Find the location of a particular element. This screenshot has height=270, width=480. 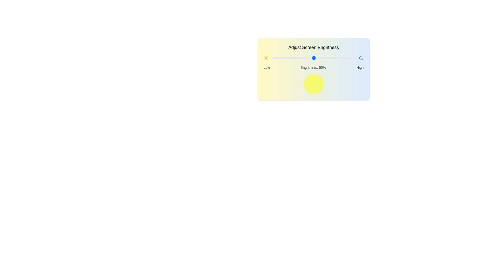

the brightness slider to 83% is located at coordinates (340, 57).